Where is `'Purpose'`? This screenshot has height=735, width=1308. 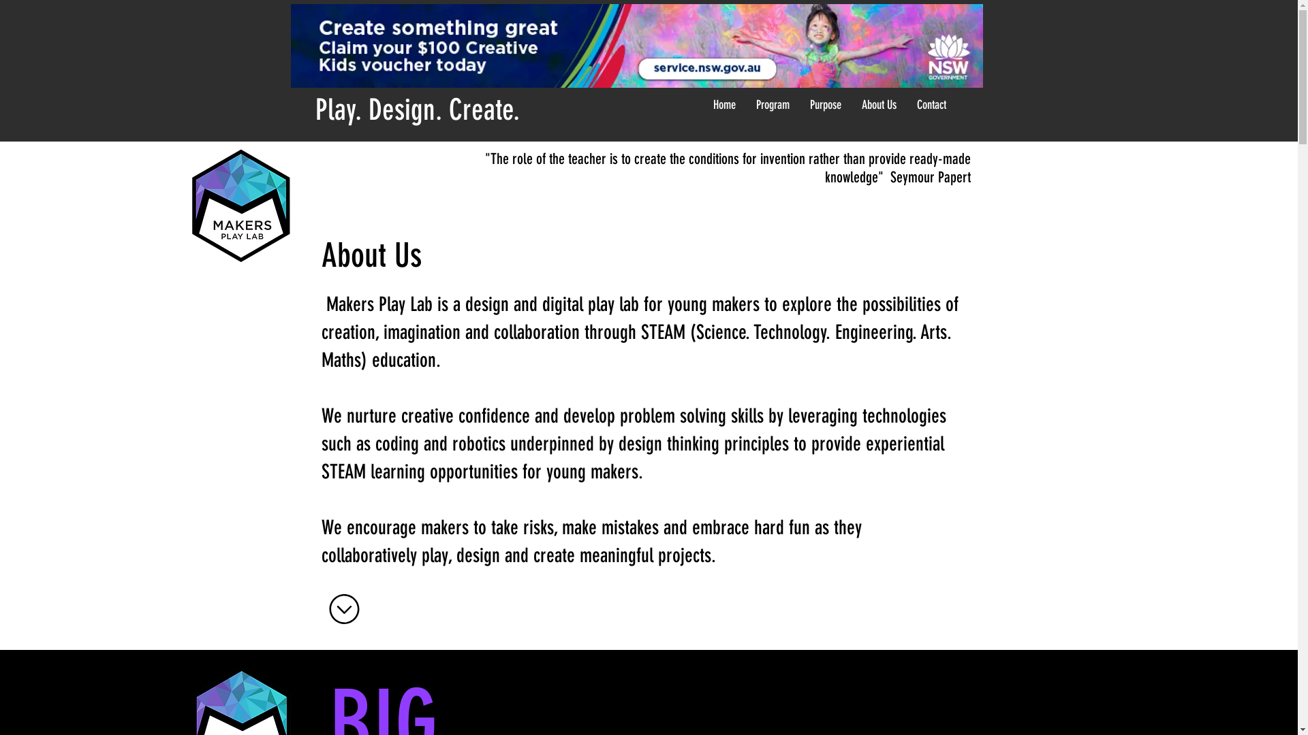
'Purpose' is located at coordinates (824, 104).